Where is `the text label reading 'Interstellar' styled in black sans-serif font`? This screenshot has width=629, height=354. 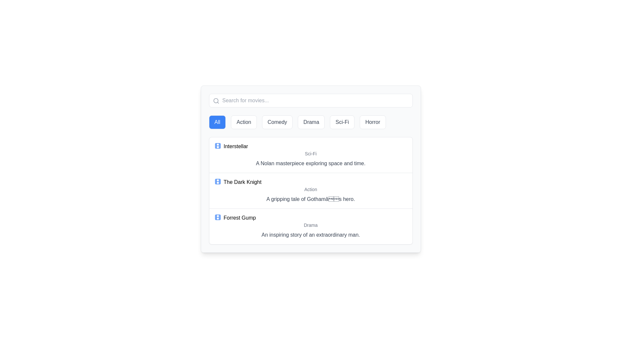
the text label reading 'Interstellar' styled in black sans-serif font is located at coordinates (236, 146).